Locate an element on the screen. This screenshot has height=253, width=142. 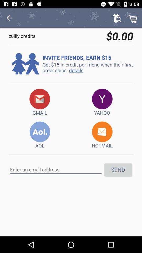
aol item is located at coordinates (39, 135).